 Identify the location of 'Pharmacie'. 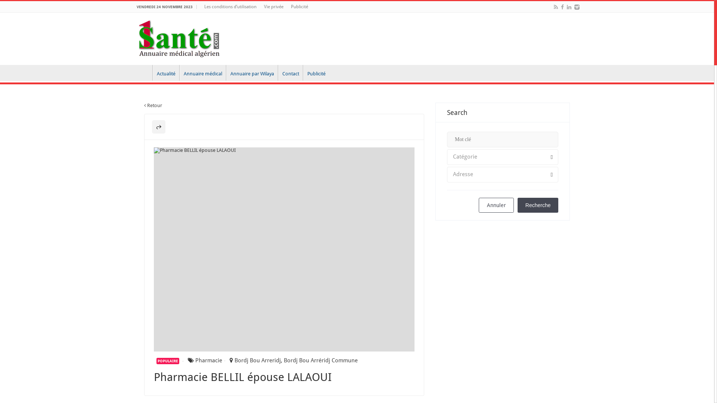
(195, 360).